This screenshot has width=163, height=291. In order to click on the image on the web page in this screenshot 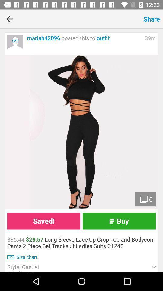, I will do `click(81, 132)`.